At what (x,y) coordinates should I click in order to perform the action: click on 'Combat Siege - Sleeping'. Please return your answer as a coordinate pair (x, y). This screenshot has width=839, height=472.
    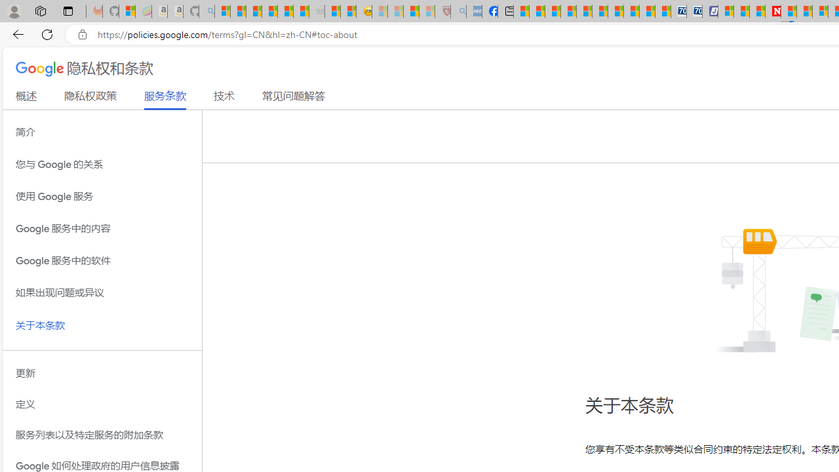
    Looking at the image, I should click on (317, 11).